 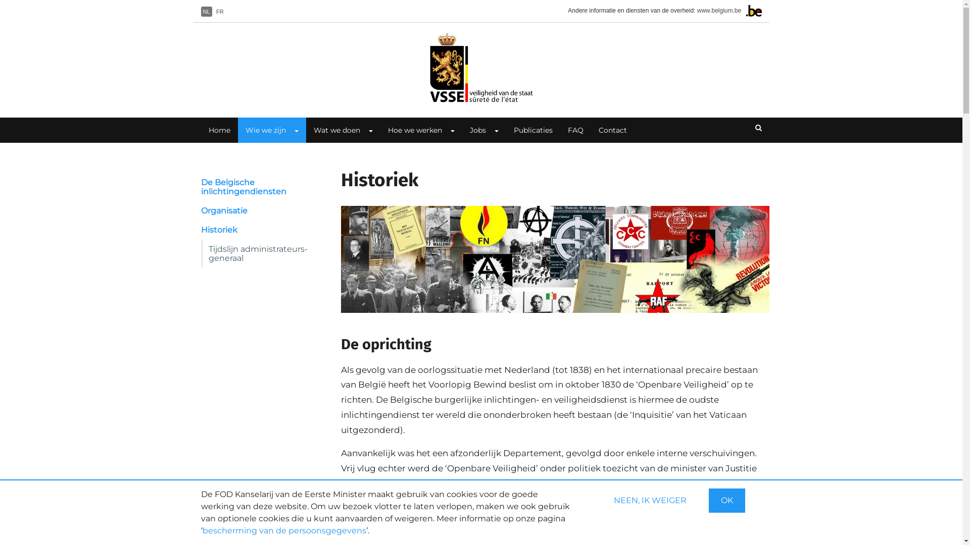 I want to click on 'Home', so click(x=201, y=130).